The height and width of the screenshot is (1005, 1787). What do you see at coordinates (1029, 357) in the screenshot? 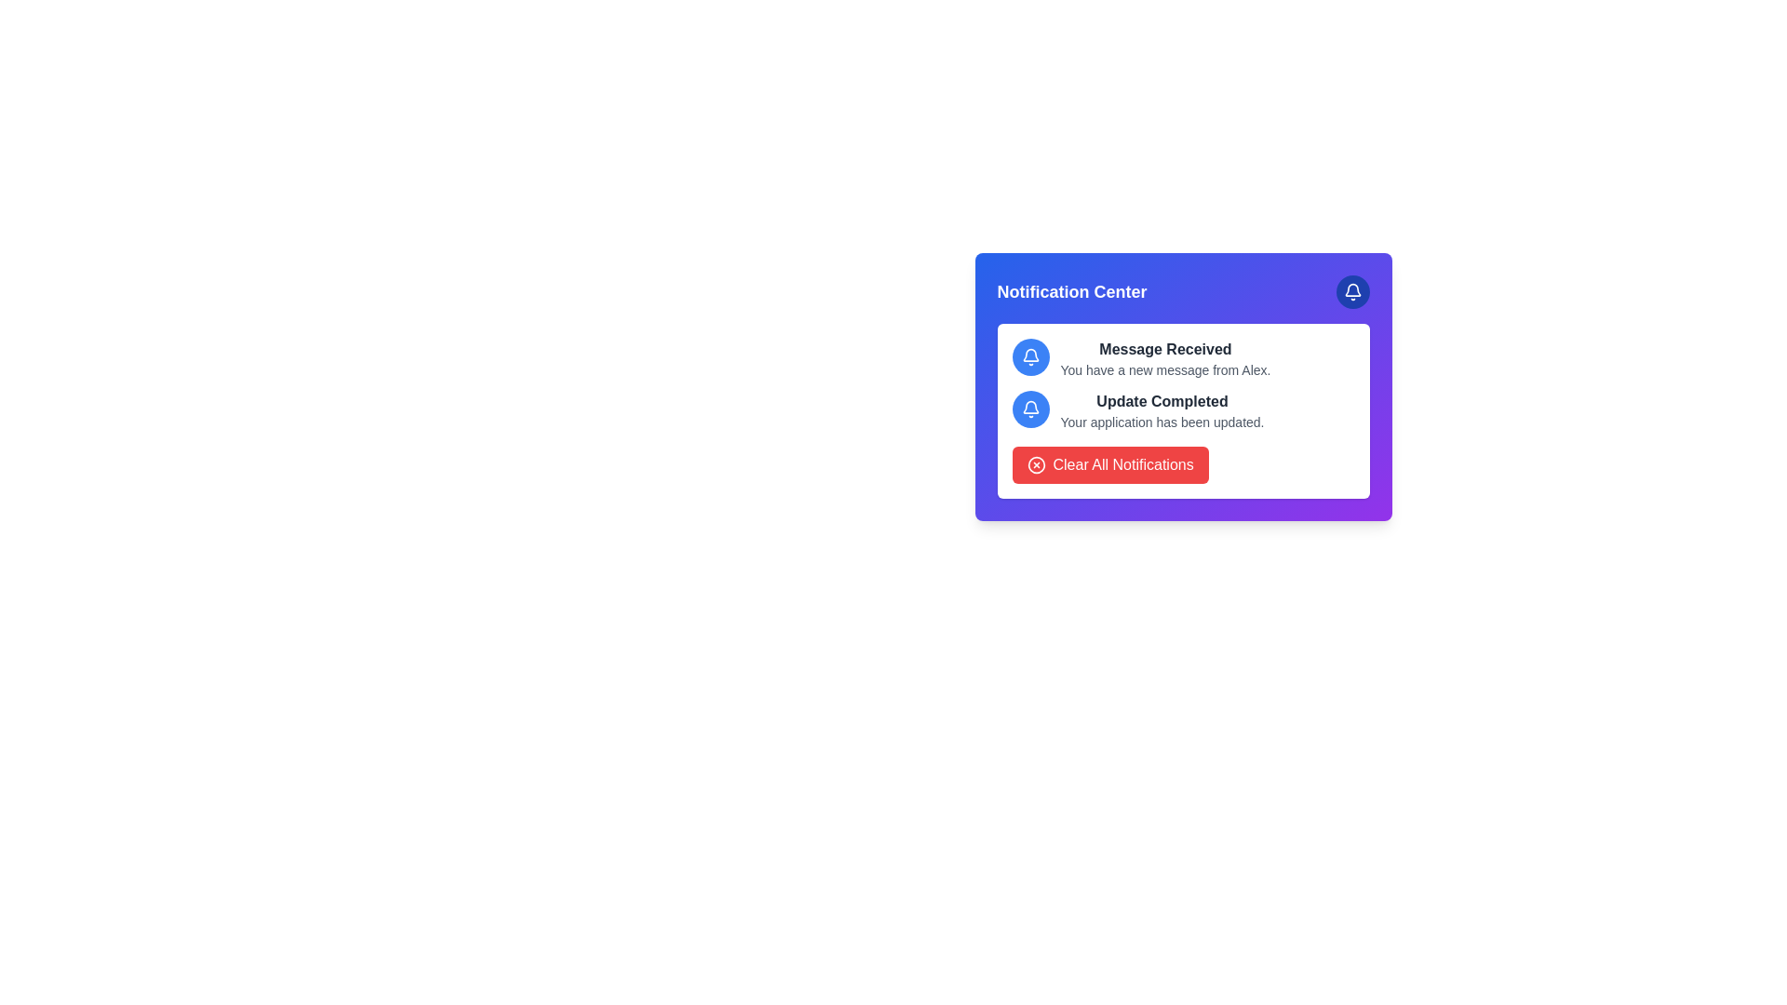
I see `the bell notification icon located at the top-right corner of the Notification Center` at bounding box center [1029, 357].